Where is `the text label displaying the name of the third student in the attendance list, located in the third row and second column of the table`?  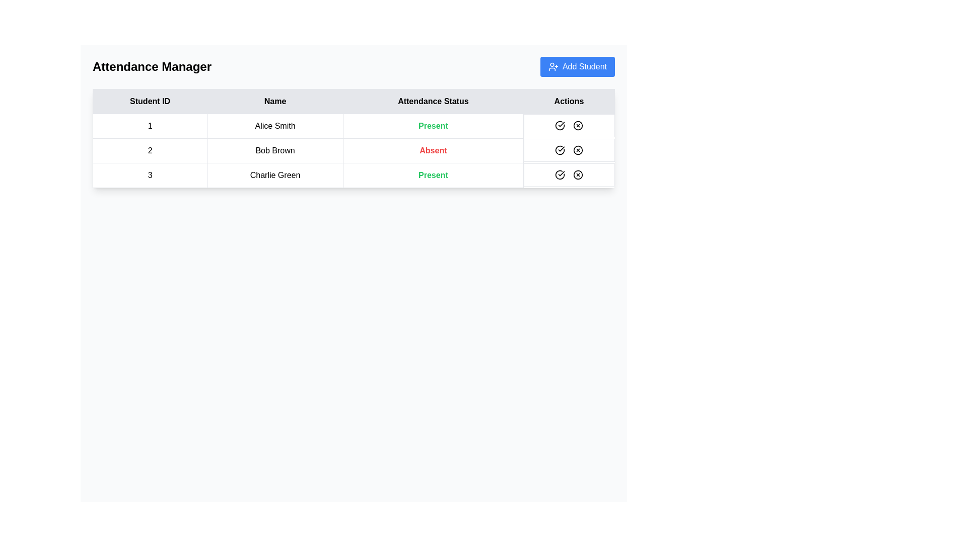
the text label displaying the name of the third student in the attendance list, located in the third row and second column of the table is located at coordinates (275, 174).